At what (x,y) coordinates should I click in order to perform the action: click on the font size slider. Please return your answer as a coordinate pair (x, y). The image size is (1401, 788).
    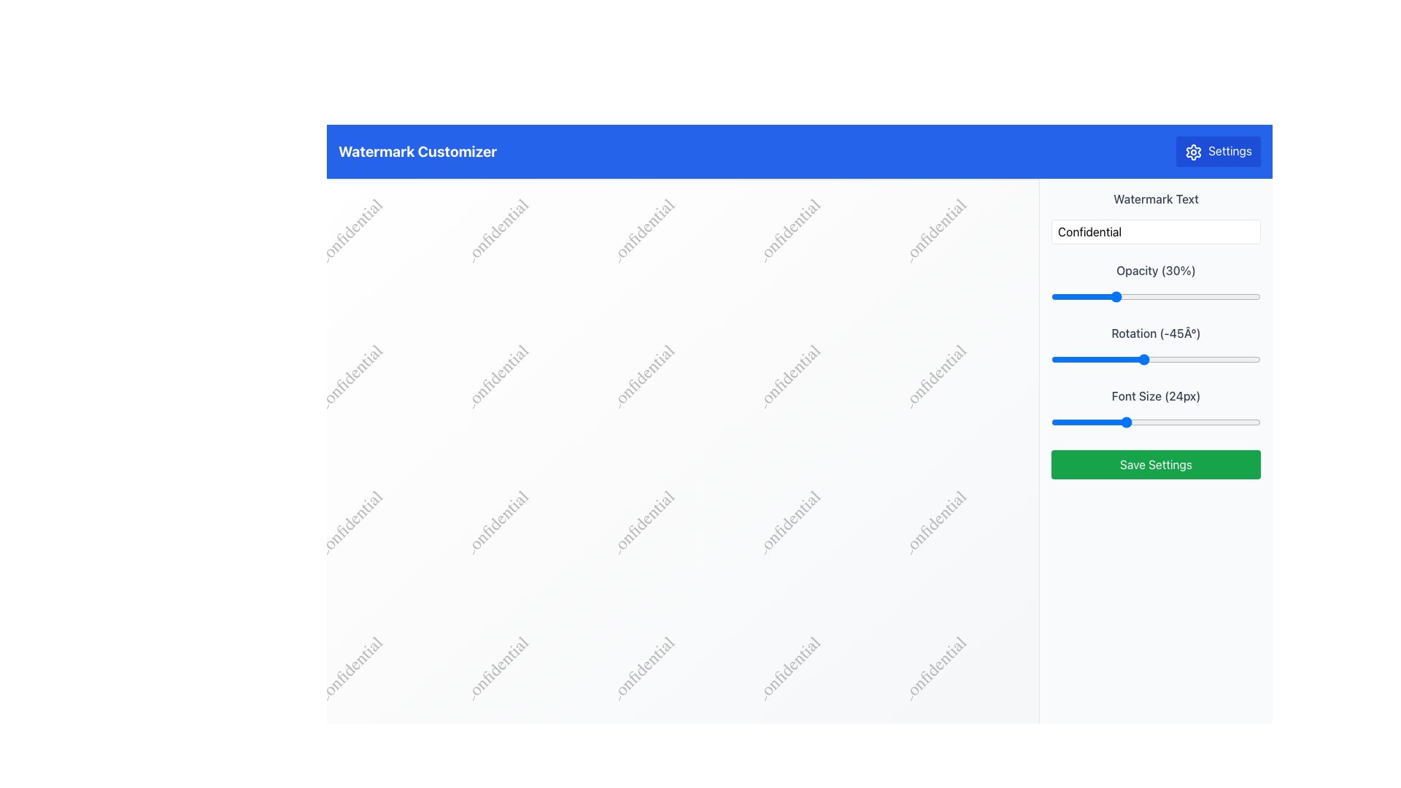
    Looking at the image, I should click on (1103, 422).